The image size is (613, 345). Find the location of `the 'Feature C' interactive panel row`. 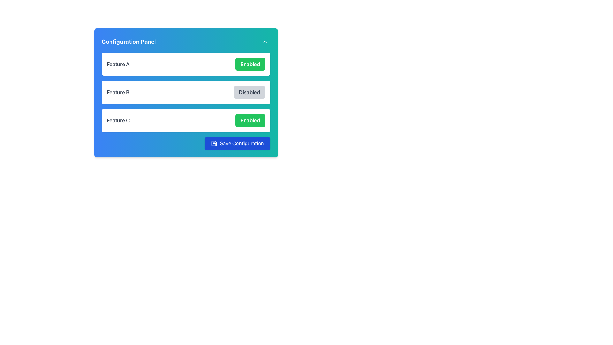

the 'Feature C' interactive panel row is located at coordinates (185, 120).